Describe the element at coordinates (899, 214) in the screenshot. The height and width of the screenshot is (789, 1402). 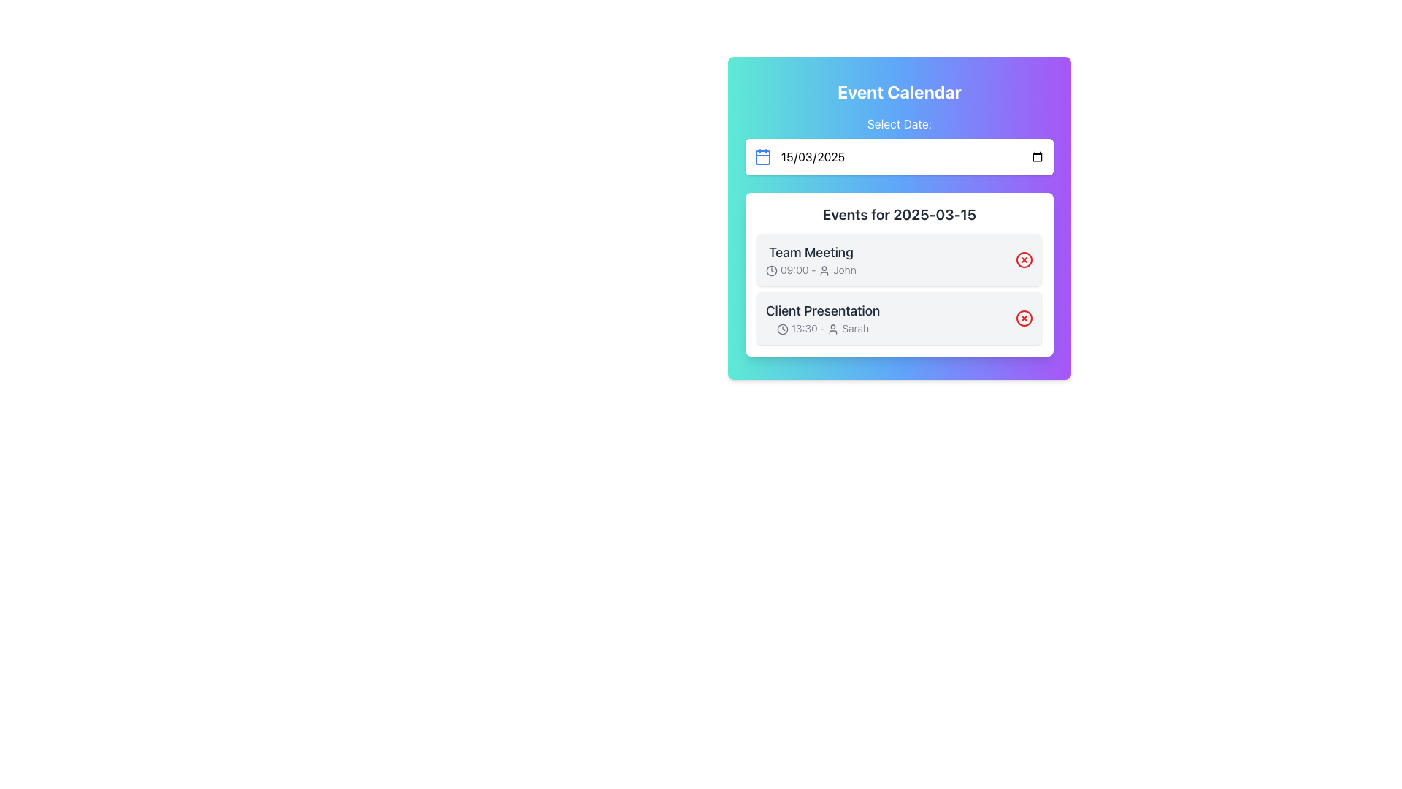
I see `the text heading that displays 'Events for 2025-03-15', which is styled with a bold font and is positioned at the top of the events section` at that location.